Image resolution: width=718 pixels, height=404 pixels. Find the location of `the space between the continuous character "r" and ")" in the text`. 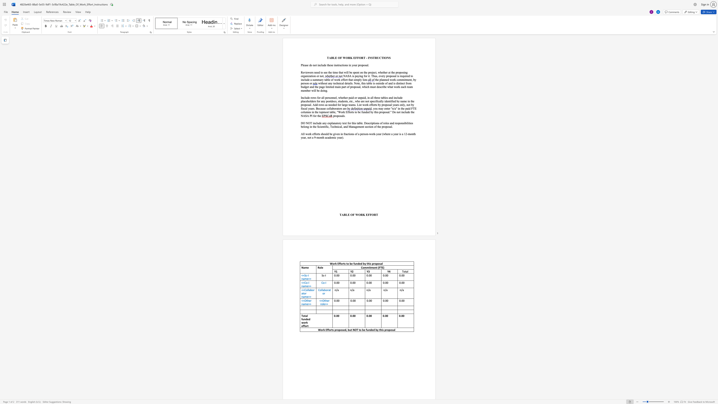

the space between the continuous character "r" and ")" in the text is located at coordinates (342, 137).